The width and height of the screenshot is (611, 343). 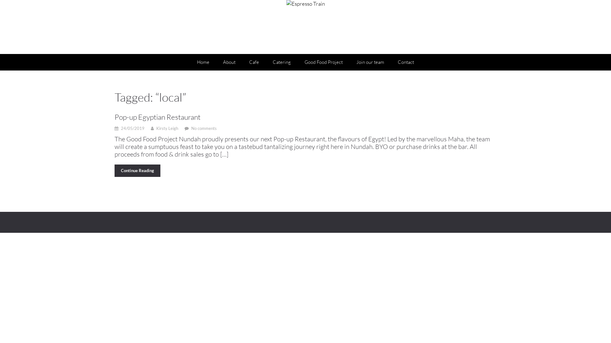 What do you see at coordinates (137, 170) in the screenshot?
I see `'Continue Reading'` at bounding box center [137, 170].